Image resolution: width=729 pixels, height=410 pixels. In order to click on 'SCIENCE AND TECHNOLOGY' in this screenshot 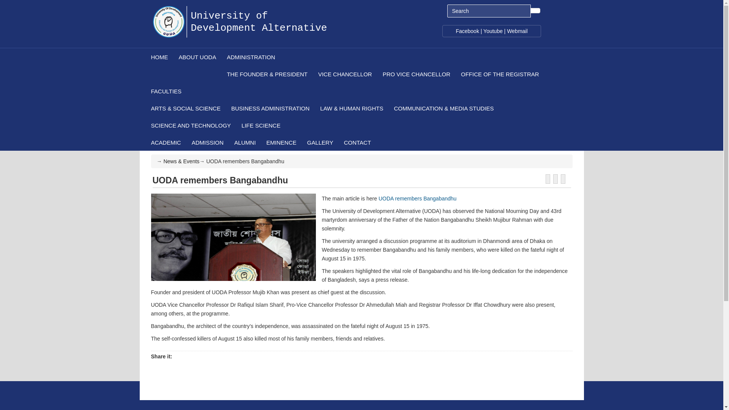, I will do `click(145, 125)`.